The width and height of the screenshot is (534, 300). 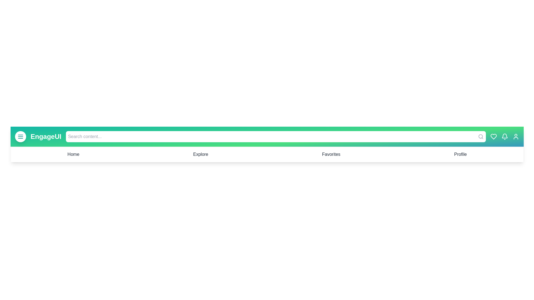 What do you see at coordinates (200, 154) in the screenshot?
I see `the menu item labeled Explore` at bounding box center [200, 154].